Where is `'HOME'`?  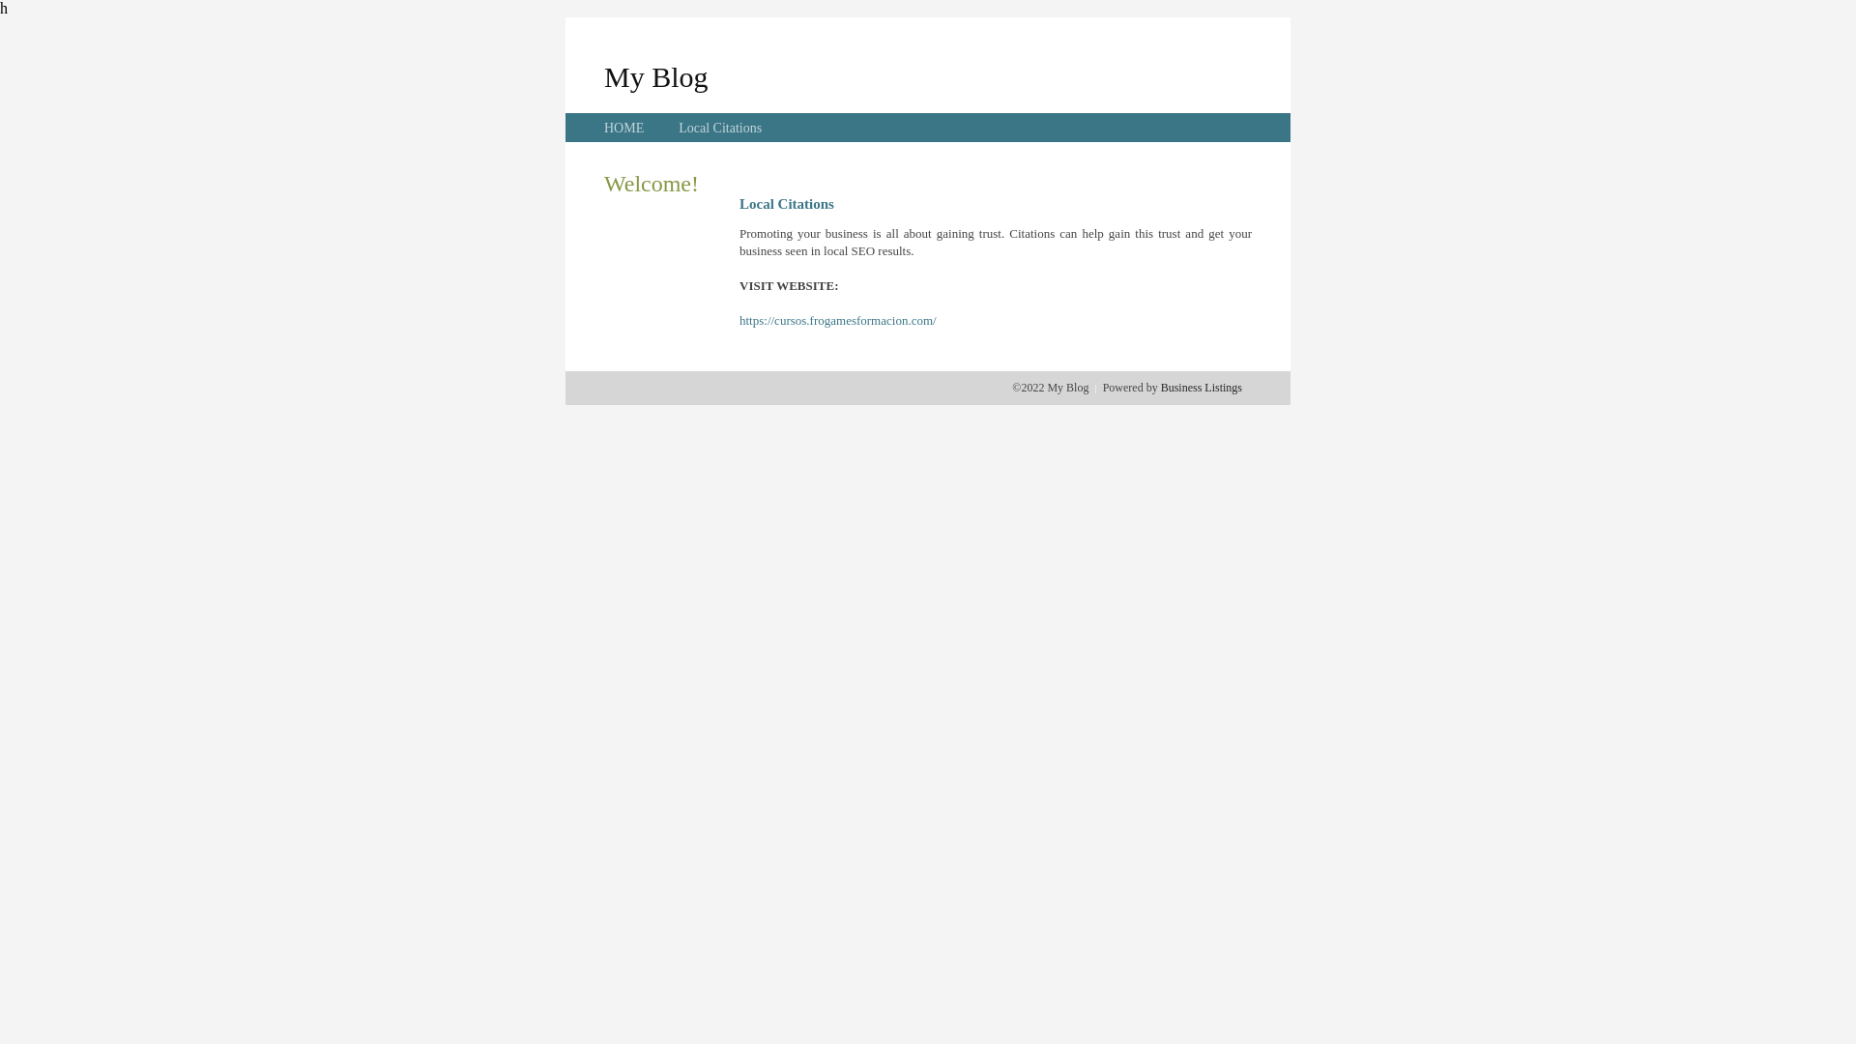
'HOME' is located at coordinates (623, 128).